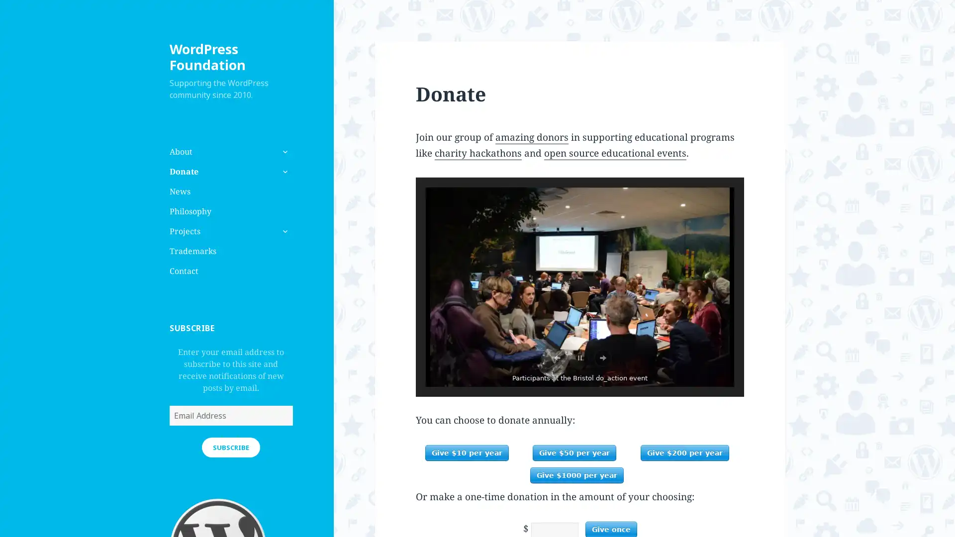 The height and width of the screenshot is (537, 955). Describe the element at coordinates (684, 452) in the screenshot. I see `Give $200 per year` at that location.